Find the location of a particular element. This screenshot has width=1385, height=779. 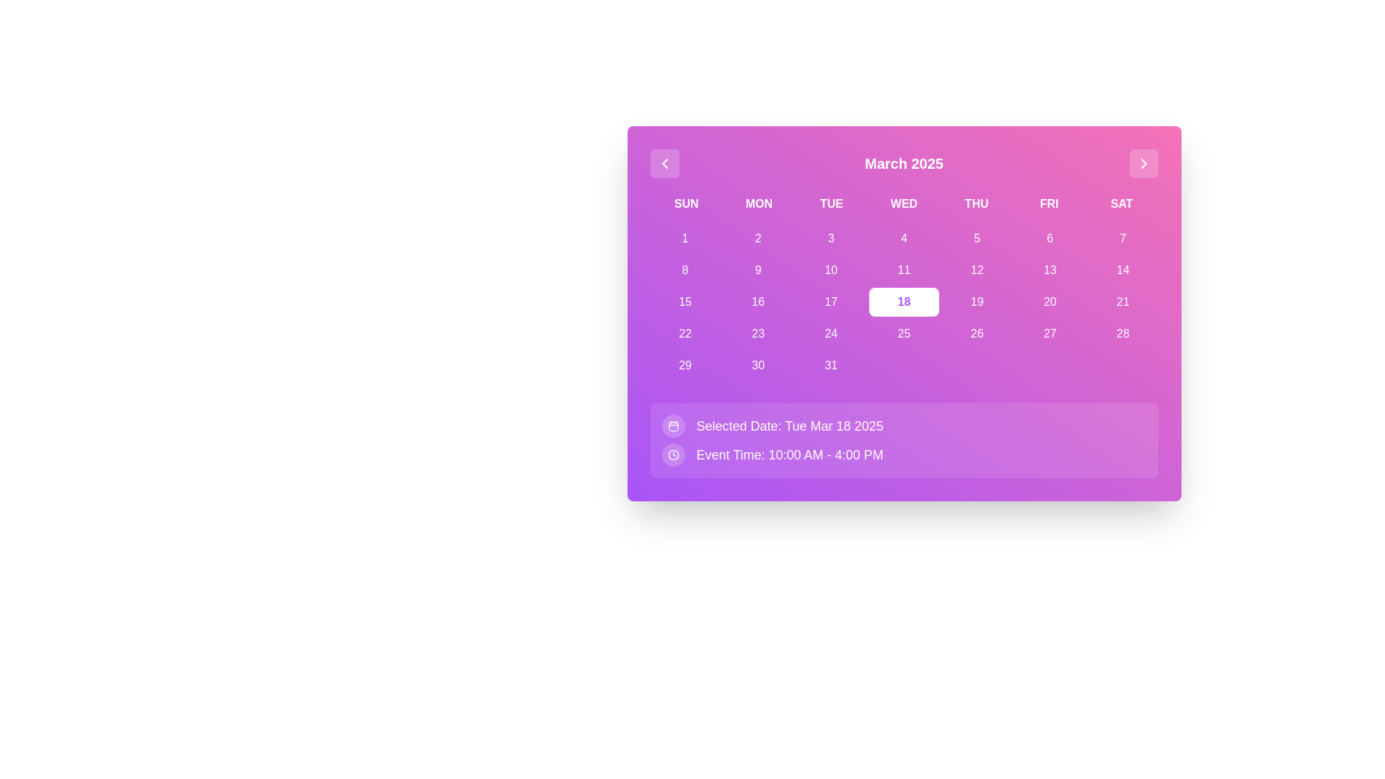

the clickable calendar button for the date '10' located in the second row and third column to trigger a highlighting effect is located at coordinates (831, 270).